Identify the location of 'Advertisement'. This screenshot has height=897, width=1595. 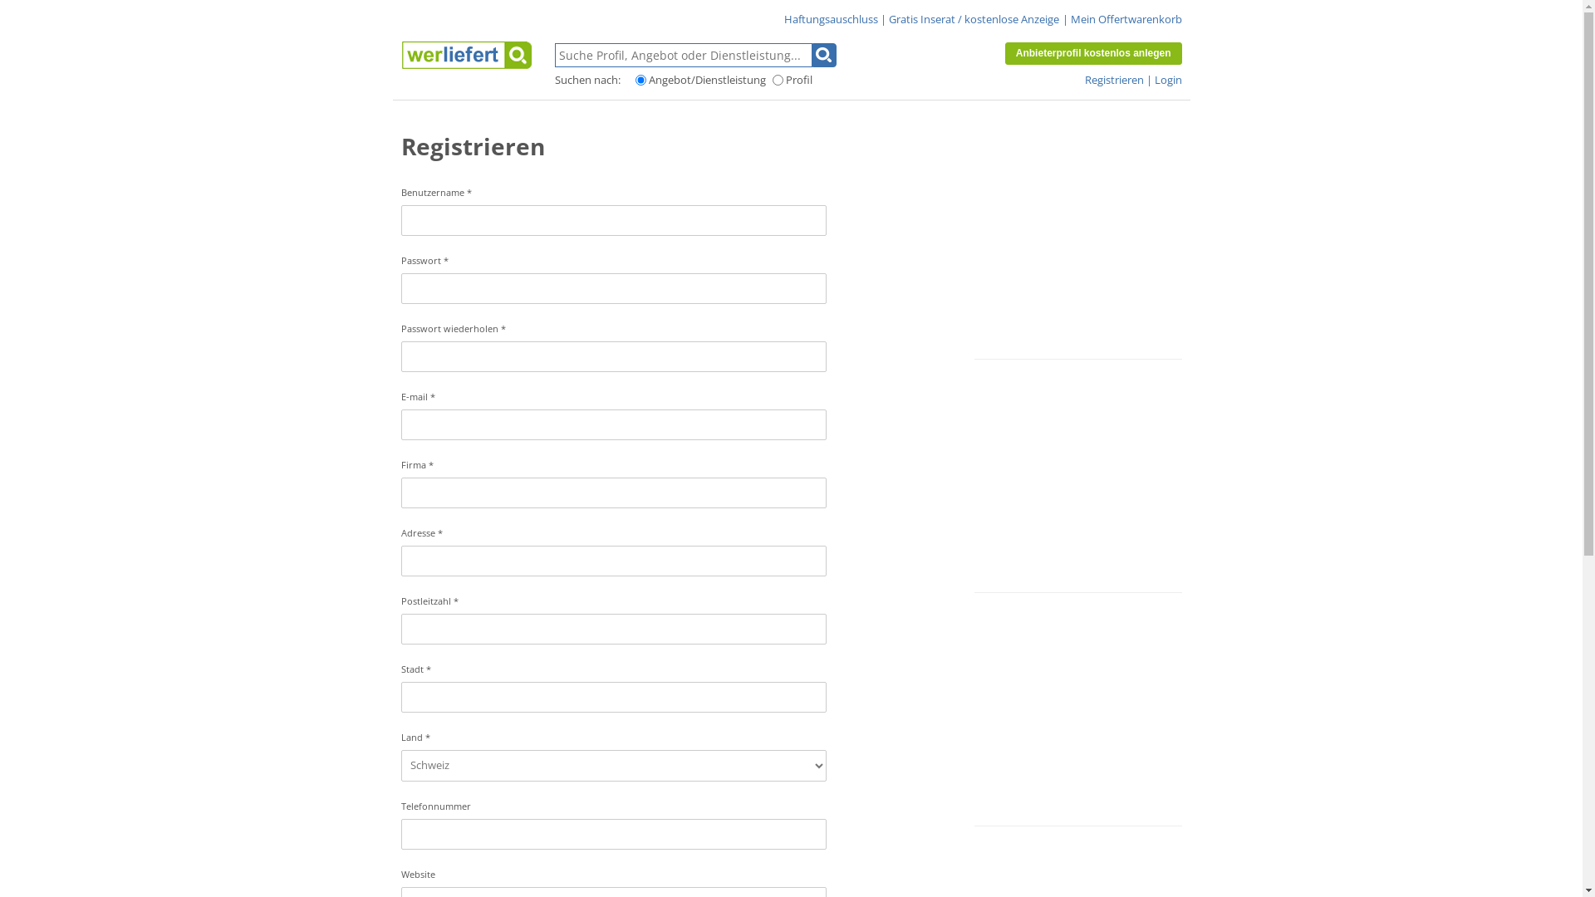
(1077, 476).